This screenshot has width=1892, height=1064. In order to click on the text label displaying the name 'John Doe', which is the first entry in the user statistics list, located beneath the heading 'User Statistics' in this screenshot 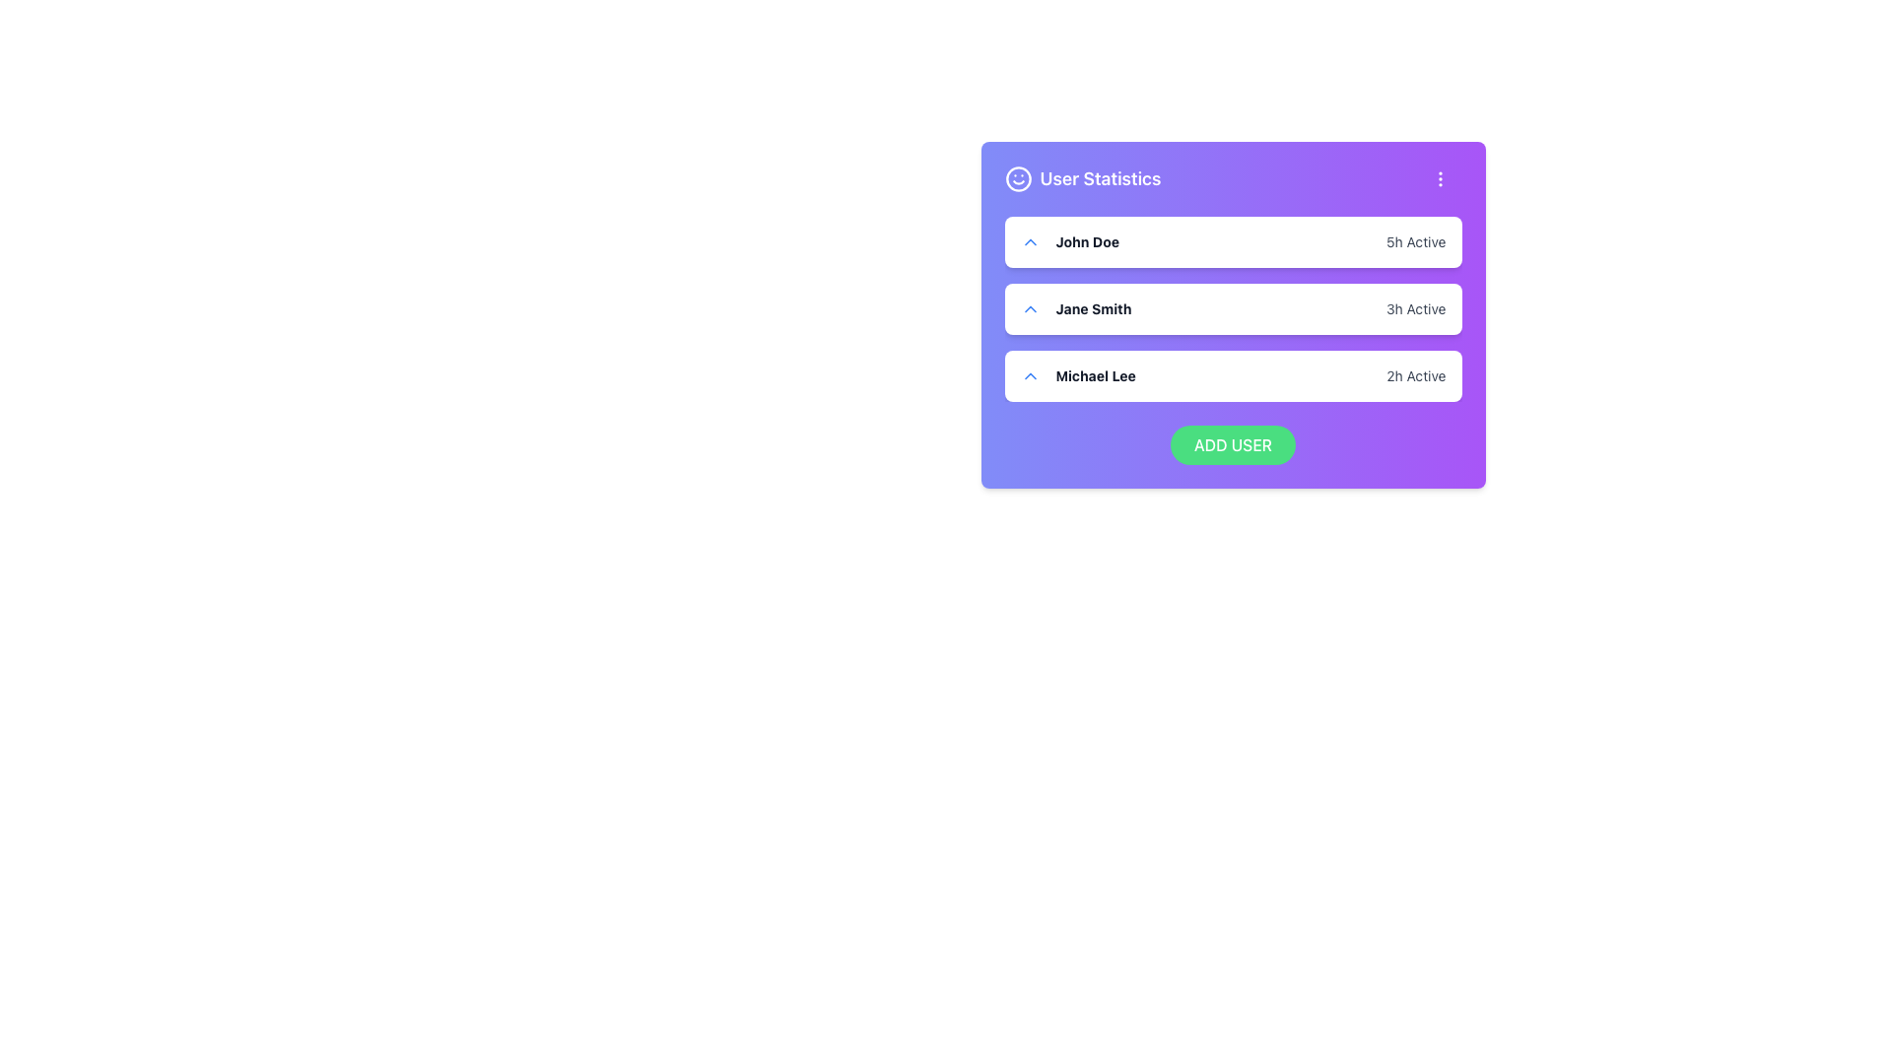, I will do `click(1086, 241)`.